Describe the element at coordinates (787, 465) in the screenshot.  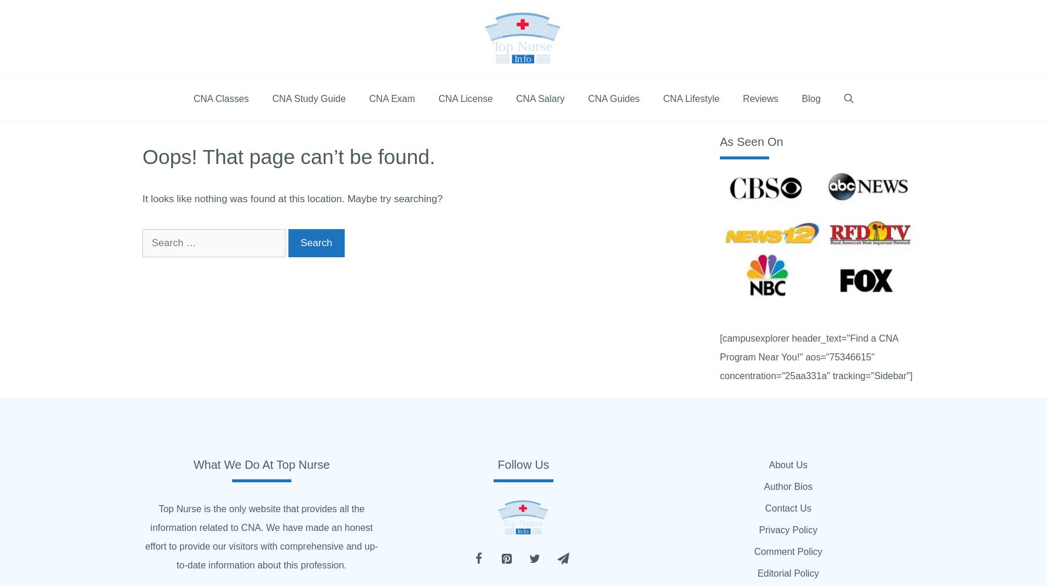
I see `'About Us'` at that location.